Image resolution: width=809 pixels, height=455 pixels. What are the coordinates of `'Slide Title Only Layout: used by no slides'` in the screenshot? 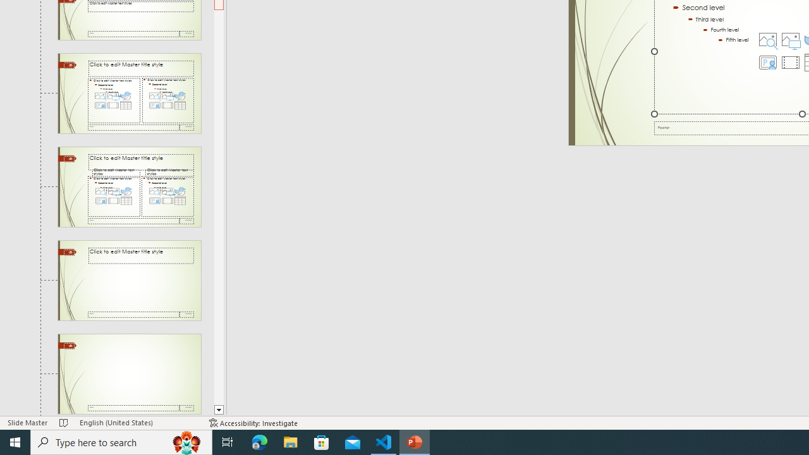 It's located at (129, 279).